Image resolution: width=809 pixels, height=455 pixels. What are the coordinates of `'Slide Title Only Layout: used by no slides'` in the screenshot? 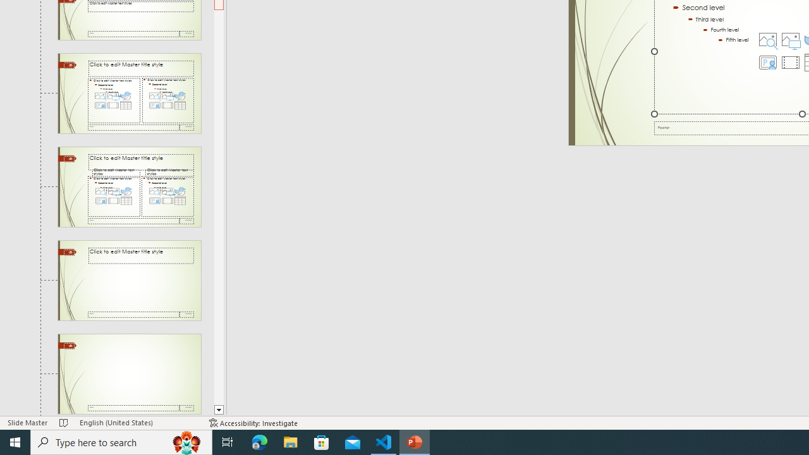 It's located at (129, 279).